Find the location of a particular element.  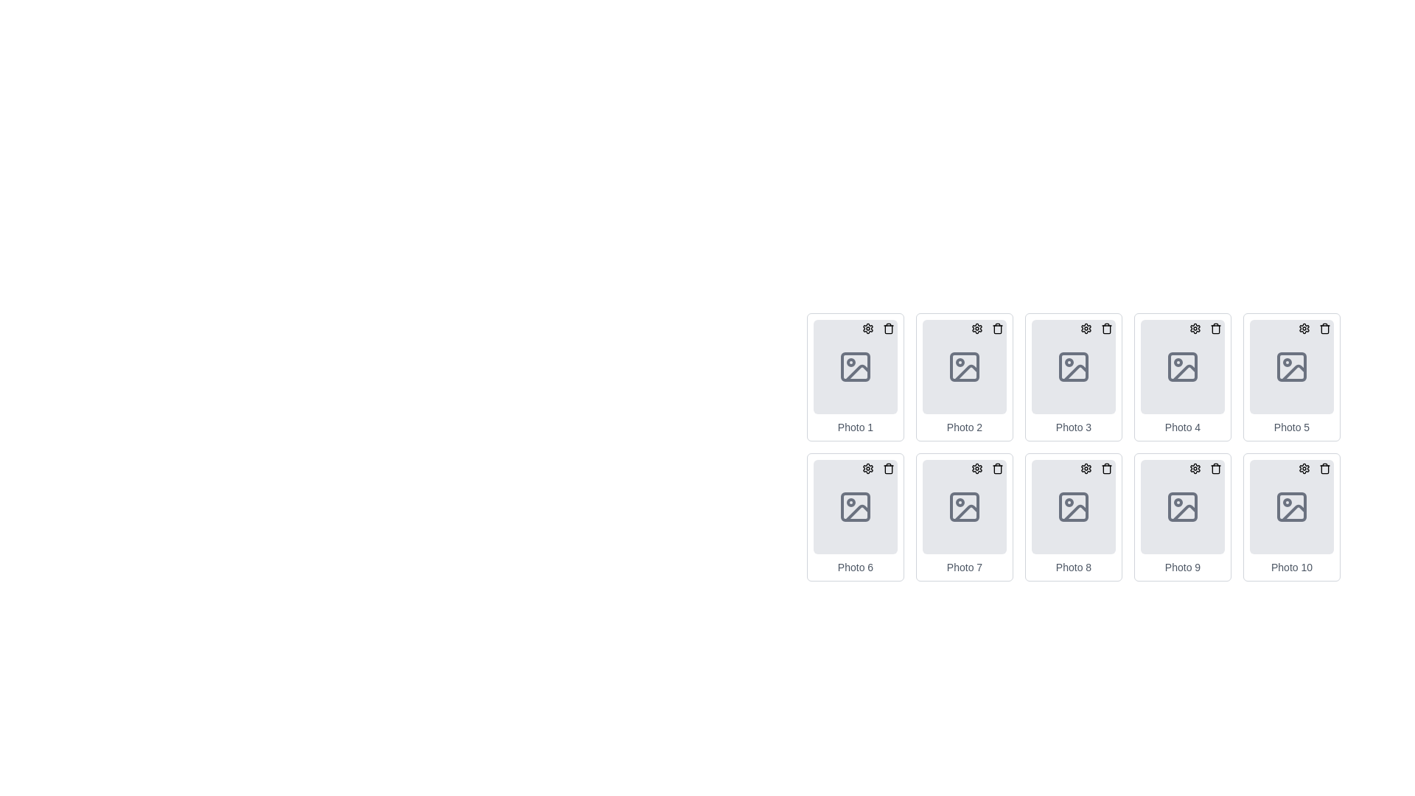

the fifth photo placeholder icon in the 2x5 grid layout is located at coordinates (1290, 366).